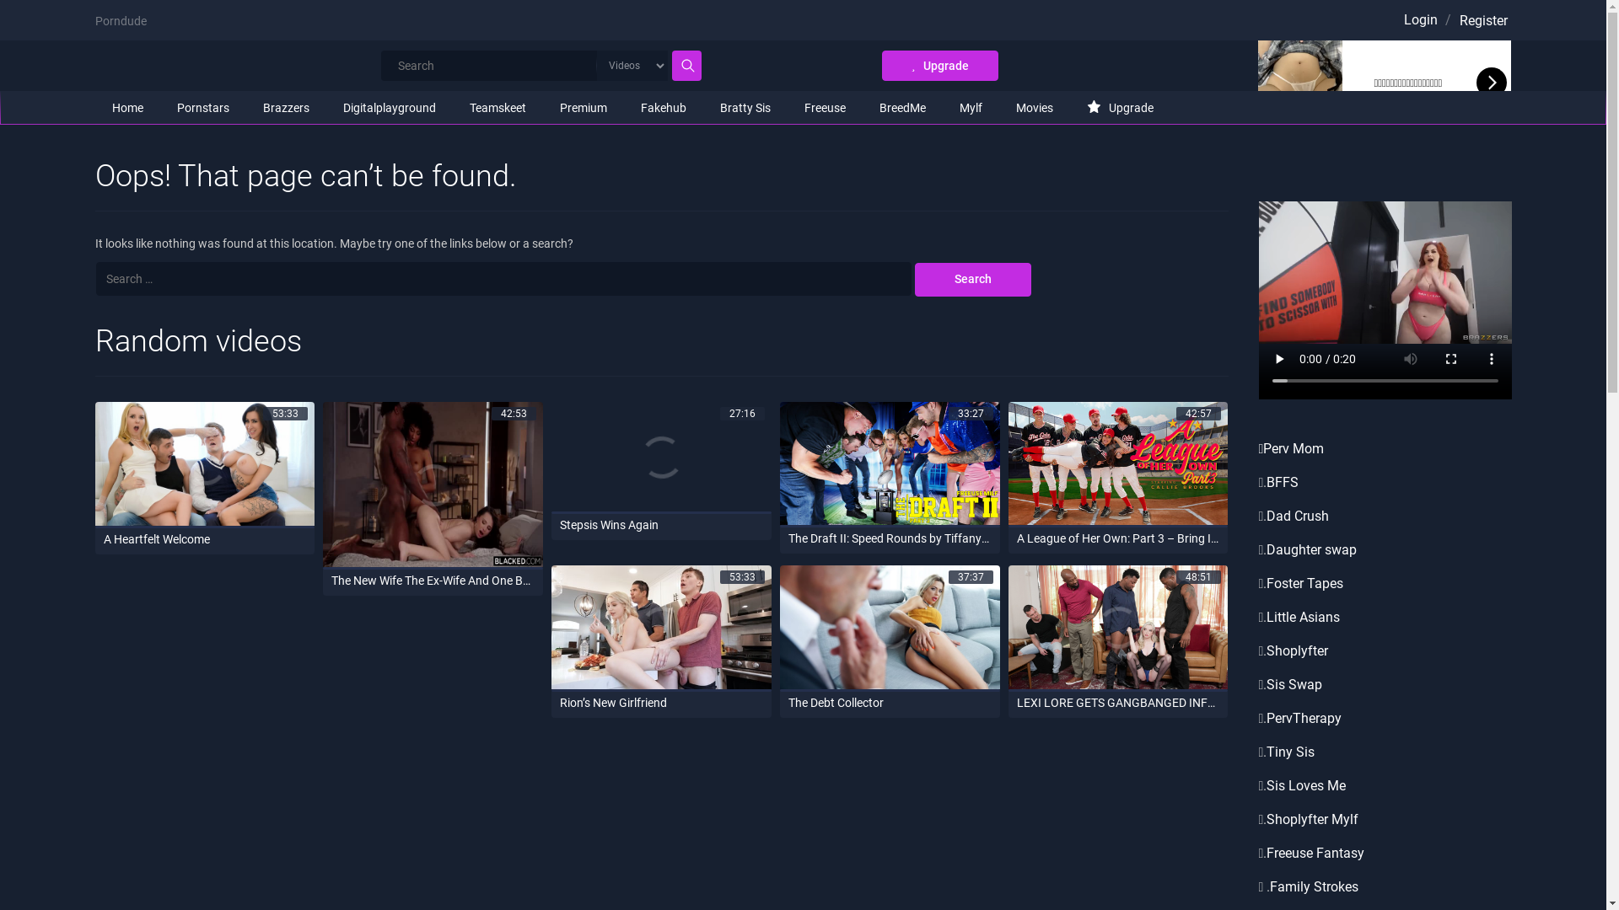 This screenshot has height=910, width=1619. I want to click on 'Shoplyfter Mylf', so click(1311, 818).